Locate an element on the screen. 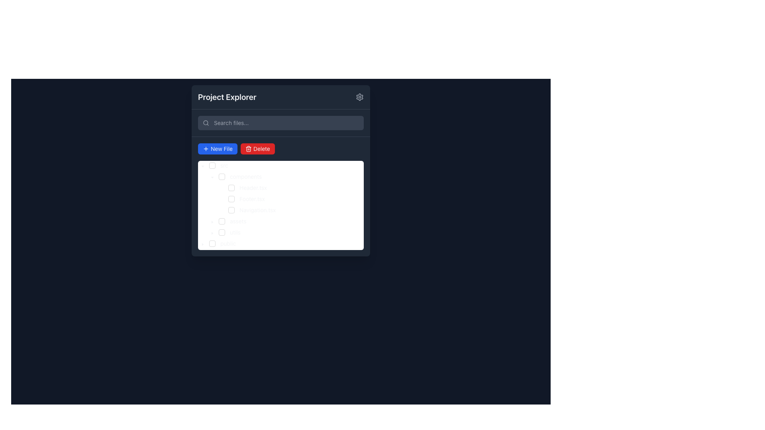 Image resolution: width=765 pixels, height=430 pixels. the 'utils' directory tree node item in the Project Explorer interface is located at coordinates (235, 232).